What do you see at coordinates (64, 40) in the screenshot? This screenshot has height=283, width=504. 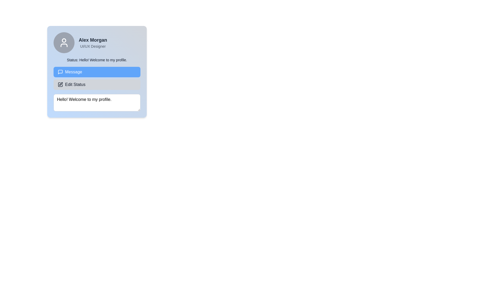 I see `the head component of the user profile icon, represented as a circular graphical icon located at the top-left corner of the profile card interface` at bounding box center [64, 40].